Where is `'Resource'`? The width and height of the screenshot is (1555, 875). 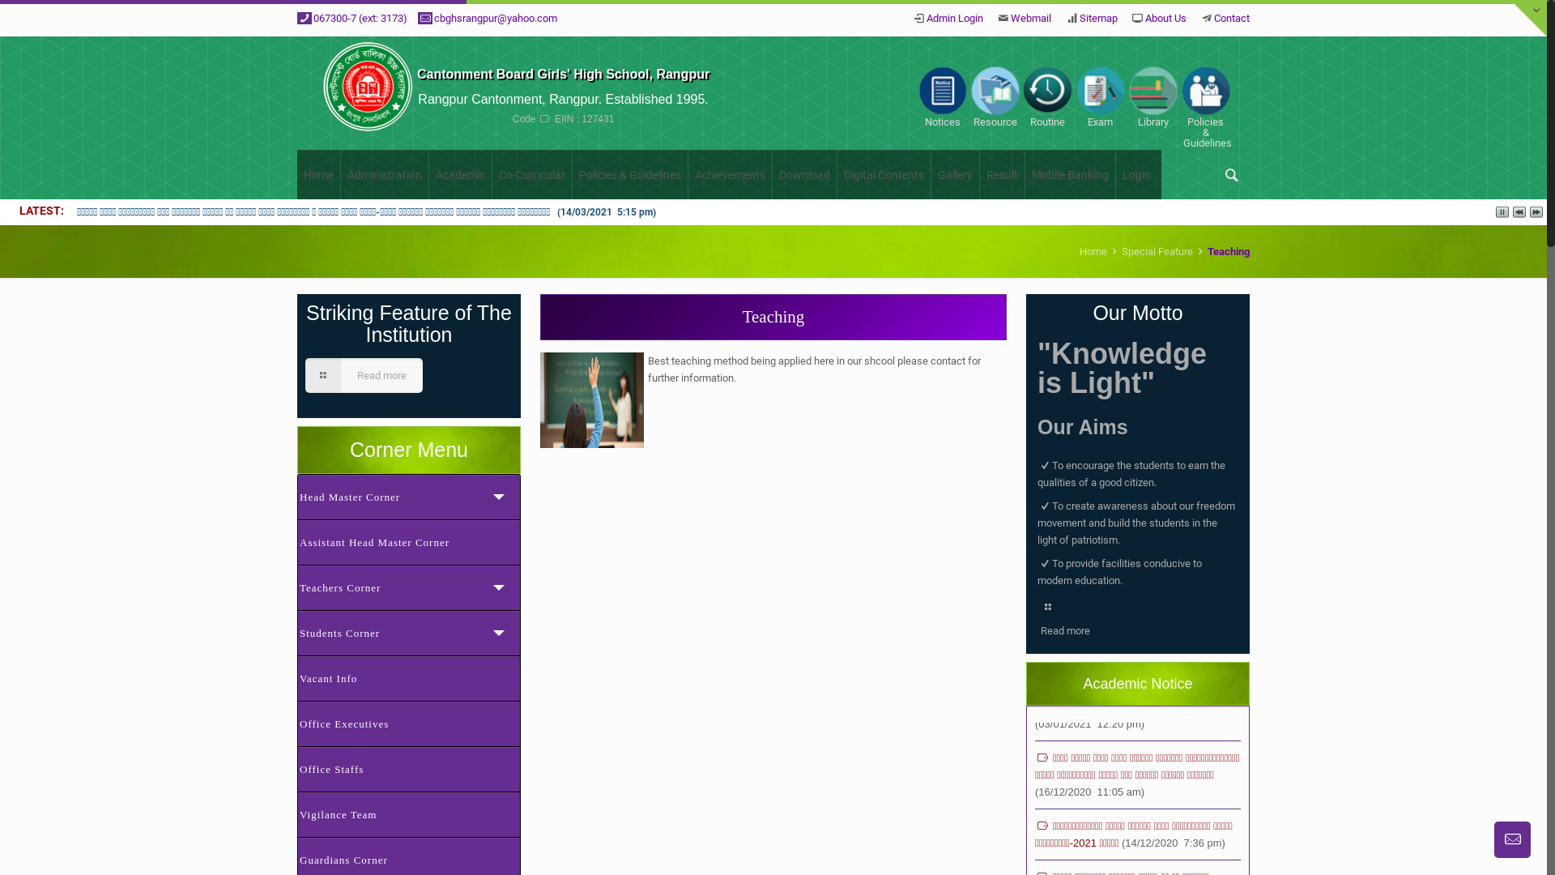
'Resource' is located at coordinates (994, 96).